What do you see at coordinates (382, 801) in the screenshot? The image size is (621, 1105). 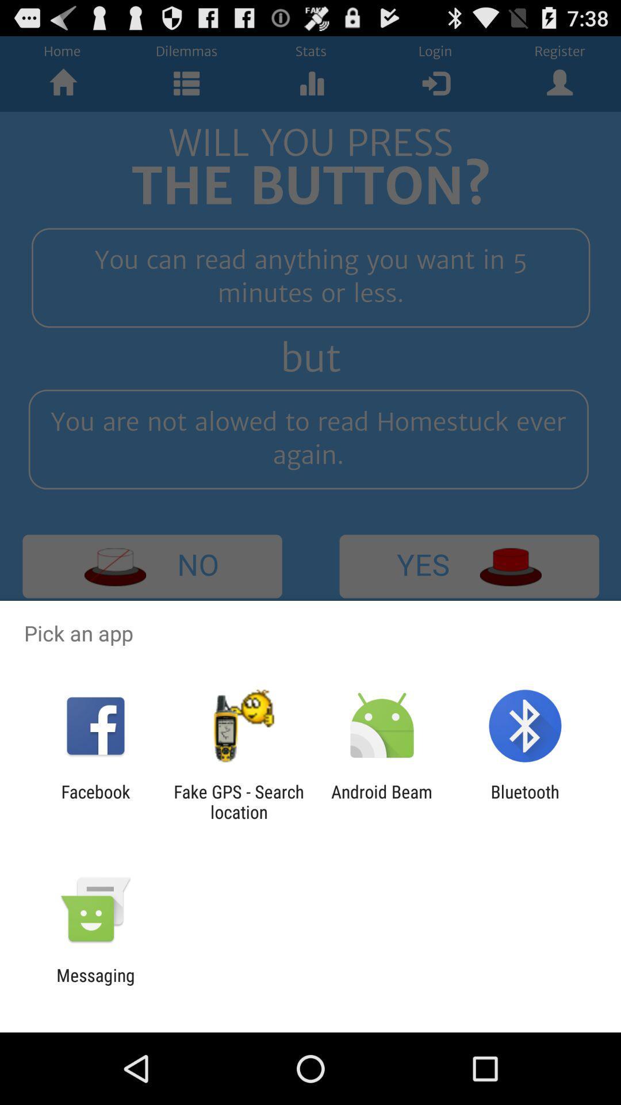 I see `item to the left of the bluetooth item` at bounding box center [382, 801].